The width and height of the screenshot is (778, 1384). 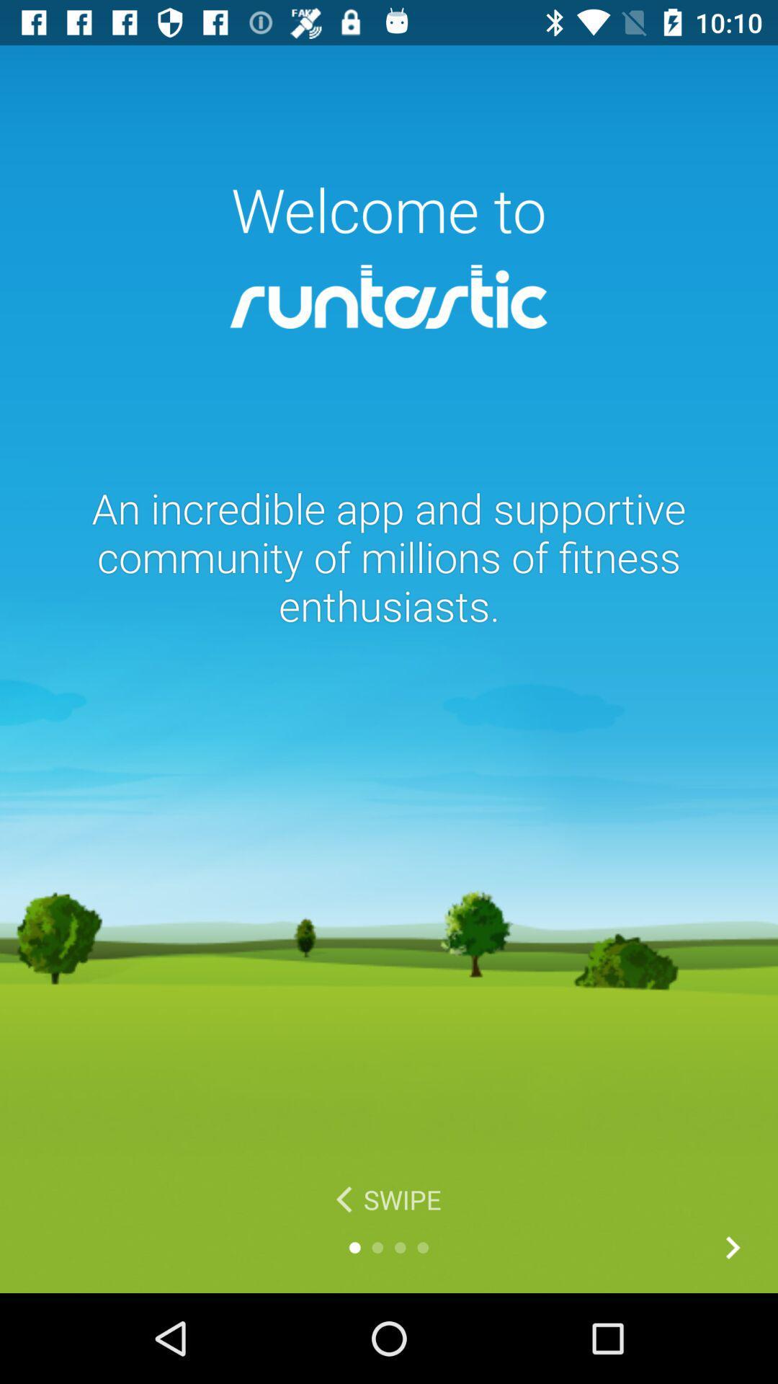 I want to click on the arrow_forward icon, so click(x=733, y=1247).